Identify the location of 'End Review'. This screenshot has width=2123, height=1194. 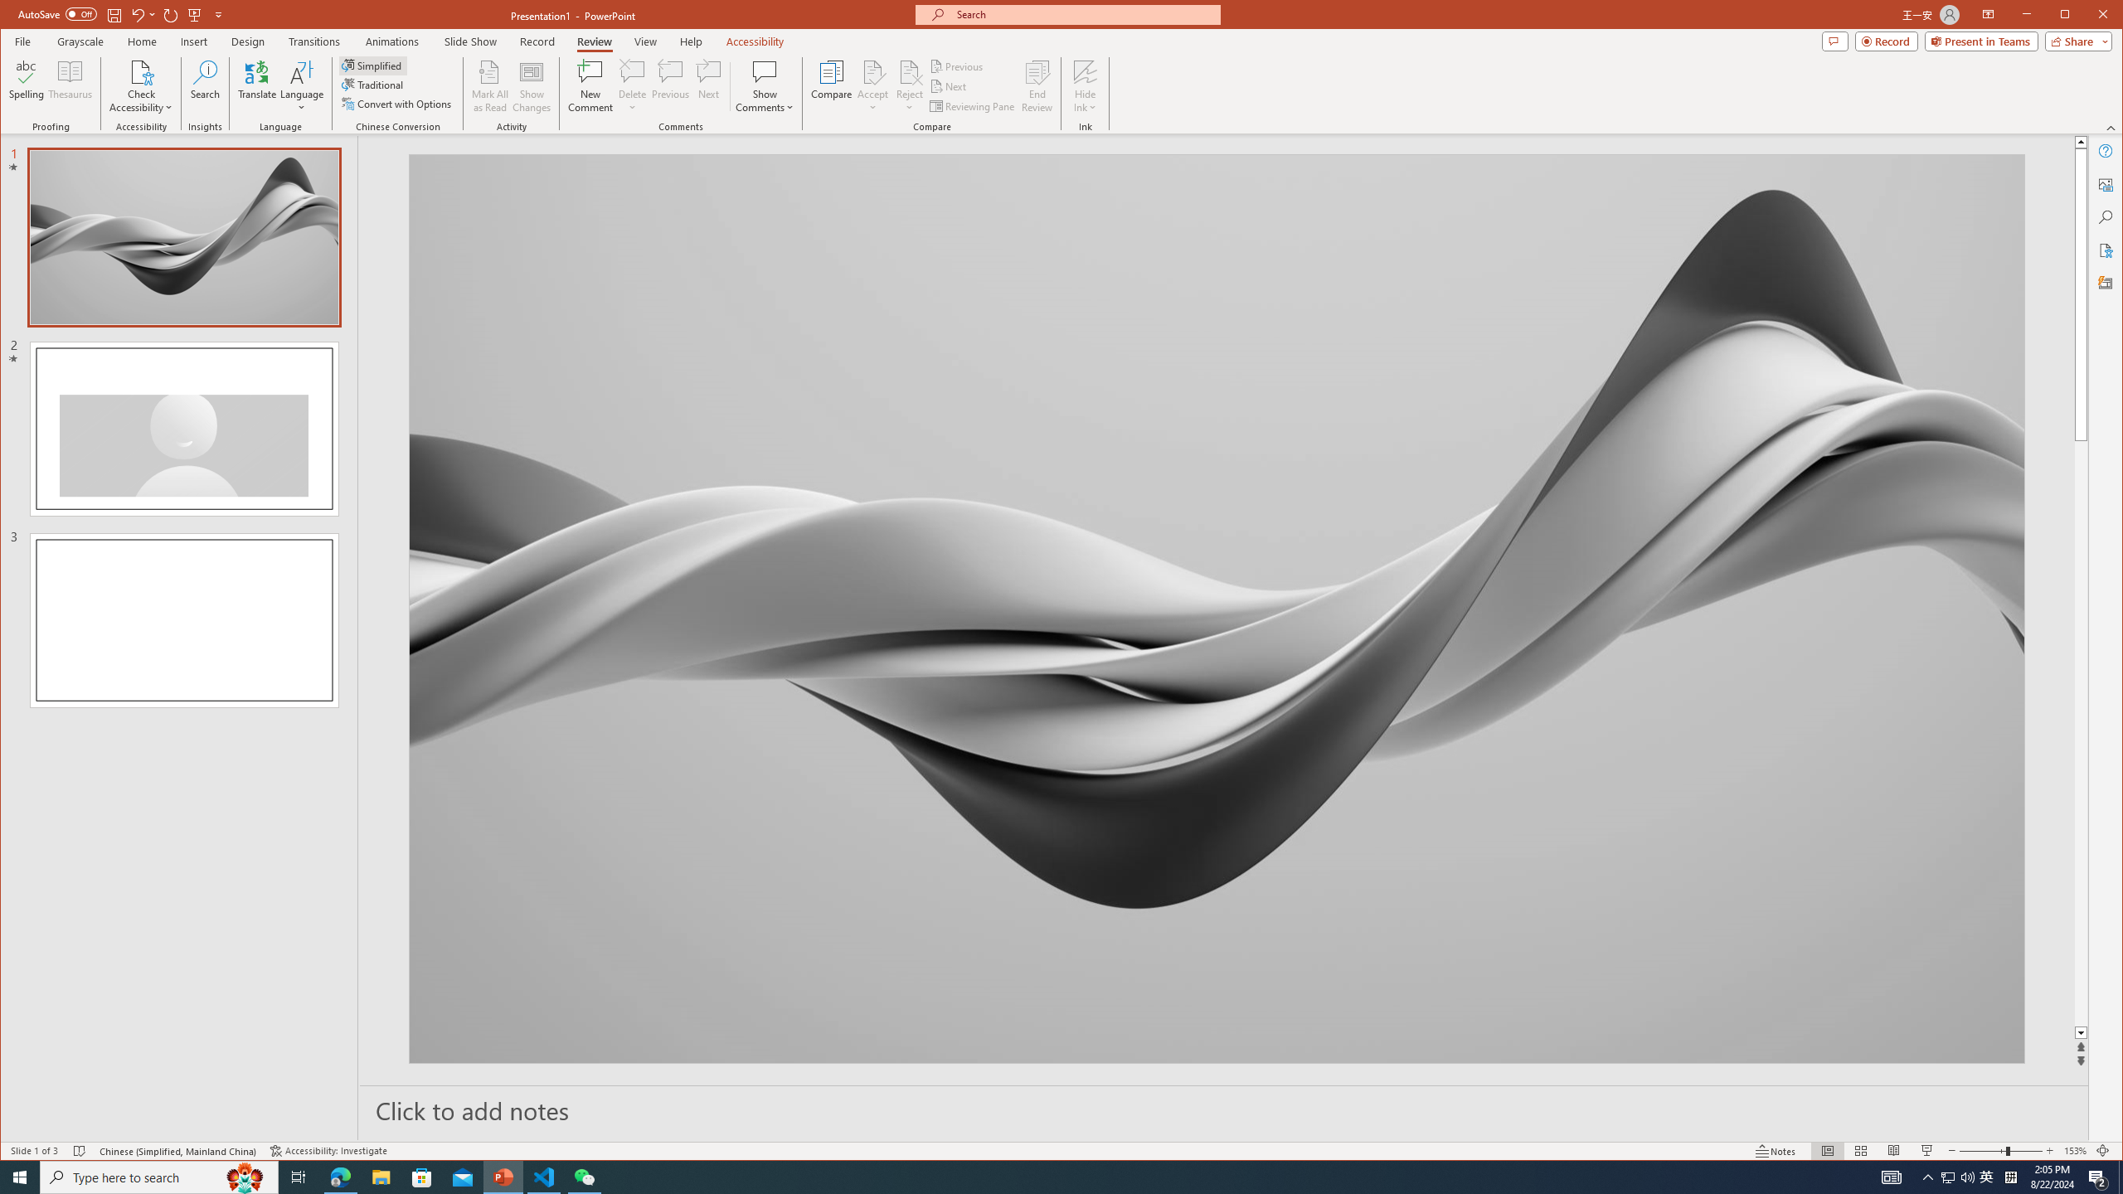
(1037, 85).